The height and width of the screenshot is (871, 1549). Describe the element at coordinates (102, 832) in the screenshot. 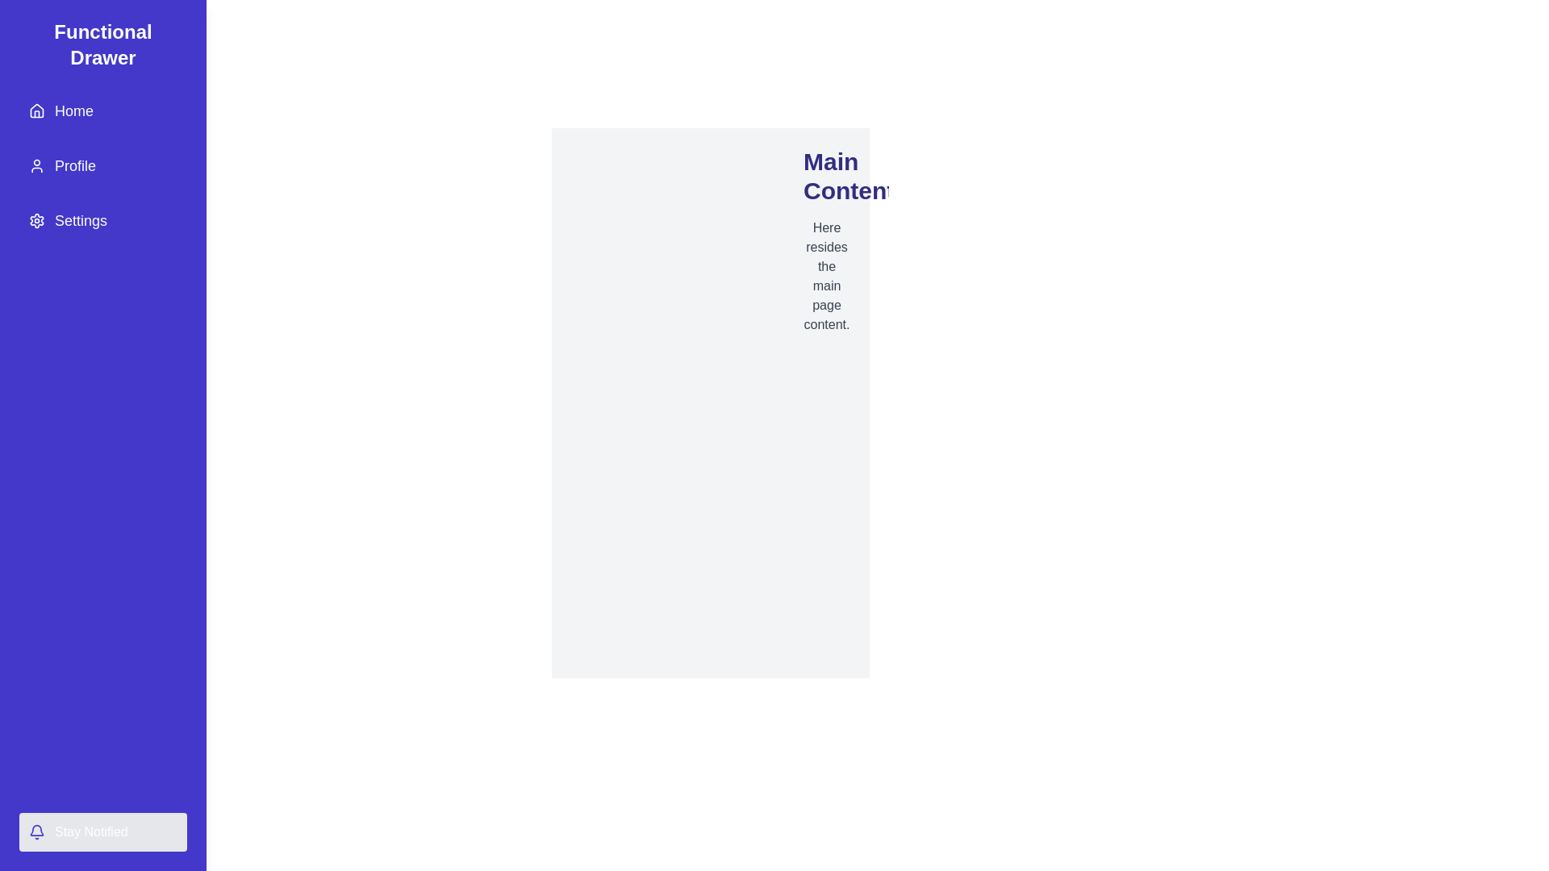

I see `the 'Stay Notified' section to activate its functionality` at that location.